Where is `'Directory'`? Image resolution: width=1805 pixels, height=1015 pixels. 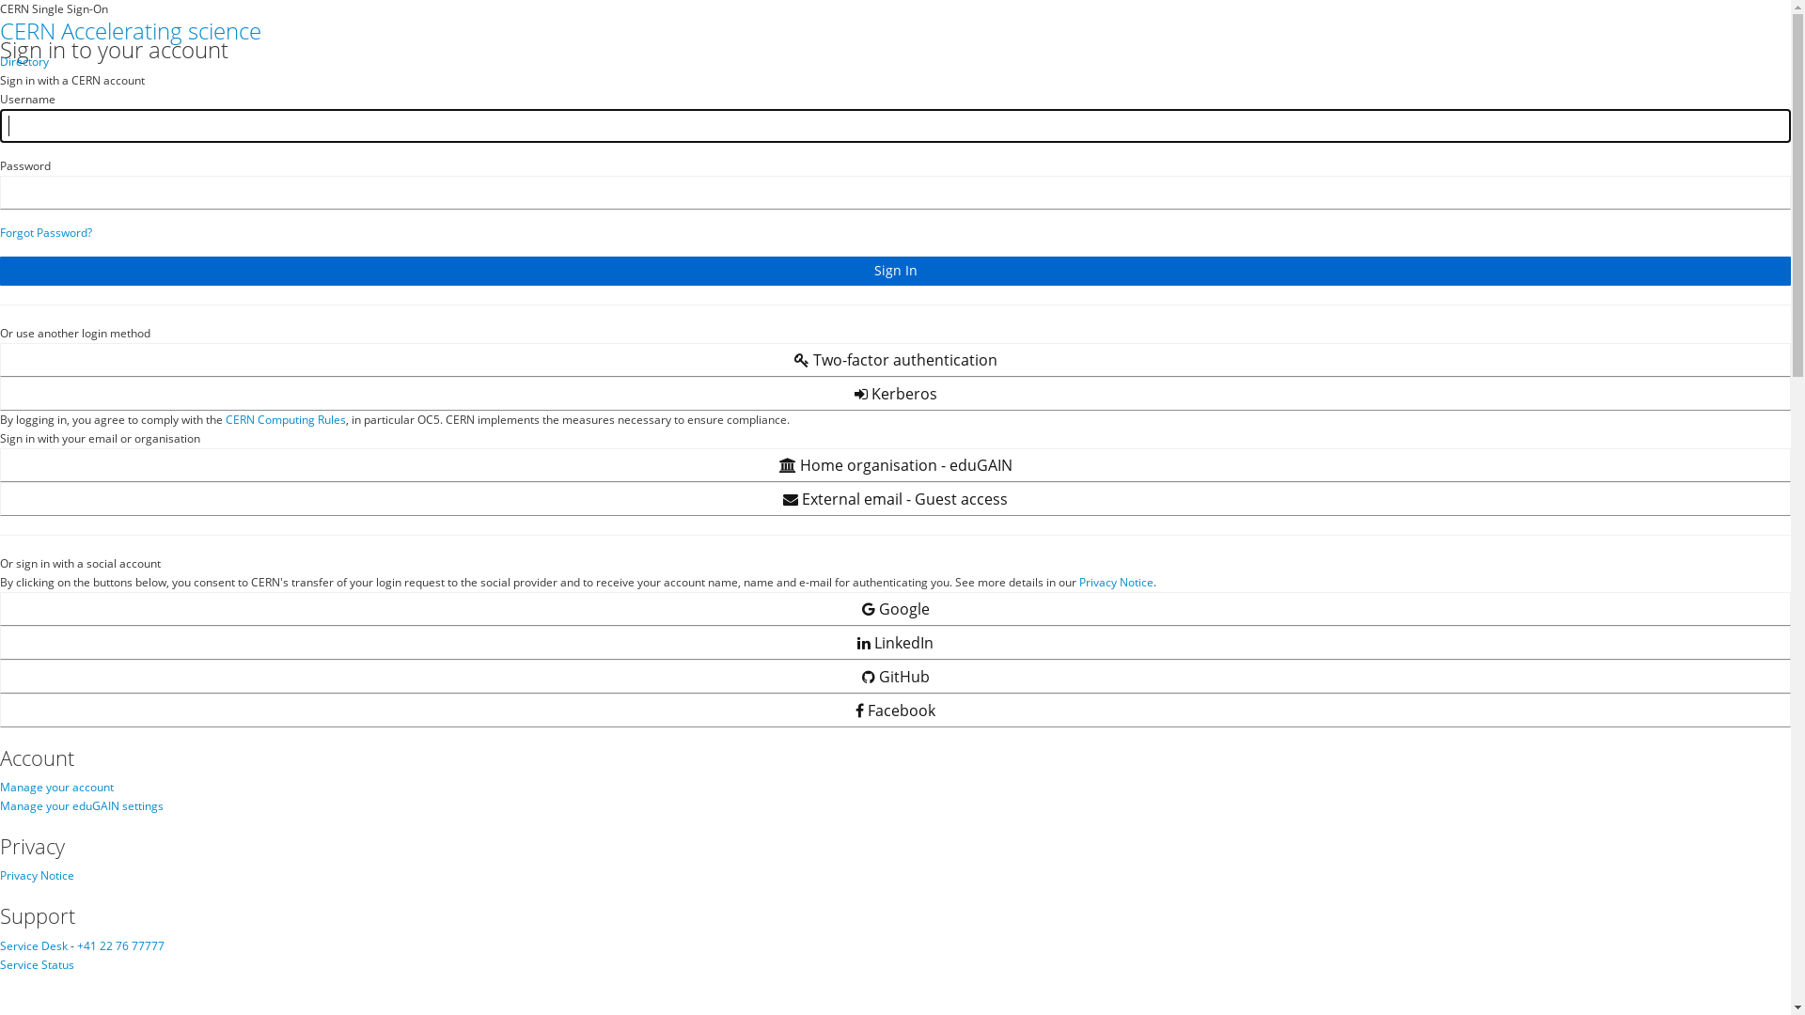
'Directory' is located at coordinates (0, 60).